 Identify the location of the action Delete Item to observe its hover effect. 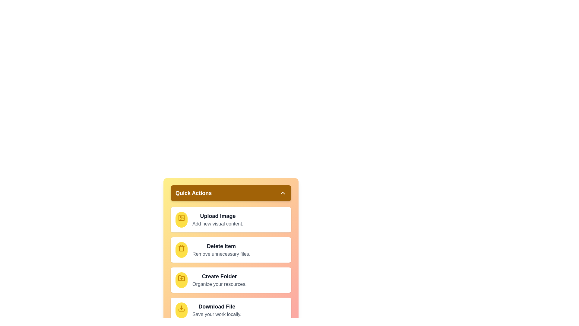
(181, 250).